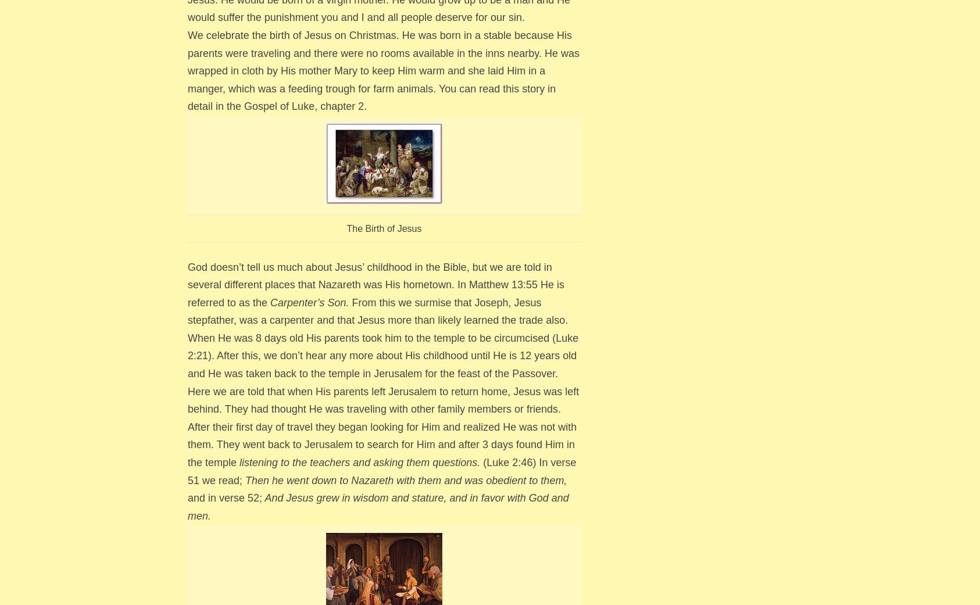 The width and height of the screenshot is (980, 605). What do you see at coordinates (187, 311) in the screenshot?
I see `'From this we surmise that Joseph, Jesus stepfather, was a carpenter and that Jesus more than likely learned the trade also.'` at bounding box center [187, 311].